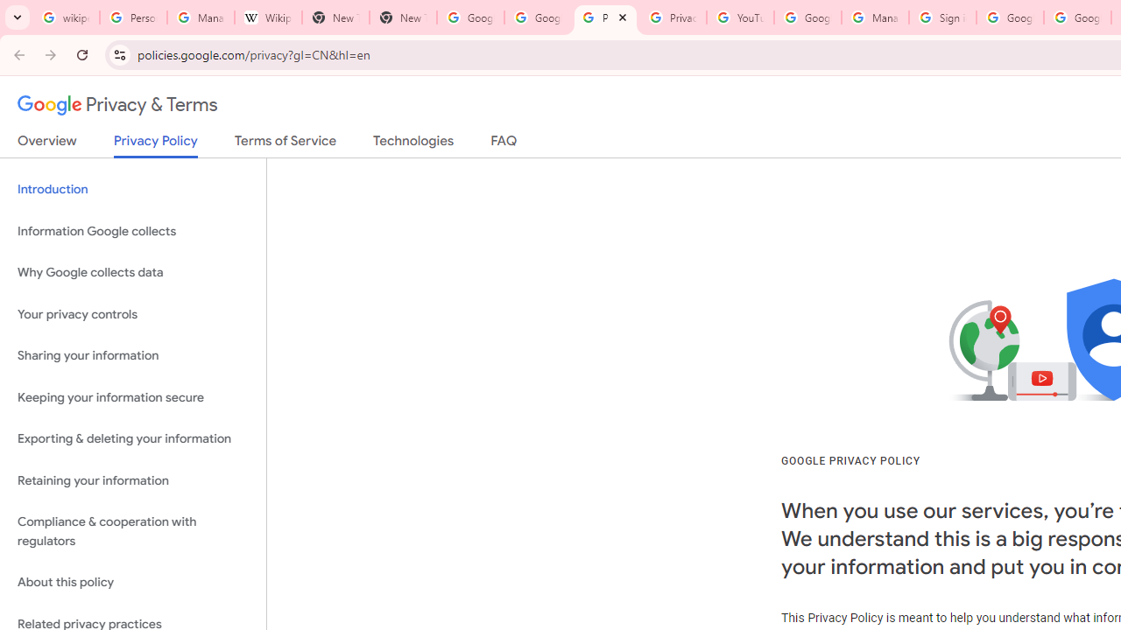 This screenshot has height=630, width=1121. I want to click on 'Manage your Location History - Google Search Help', so click(201, 17).